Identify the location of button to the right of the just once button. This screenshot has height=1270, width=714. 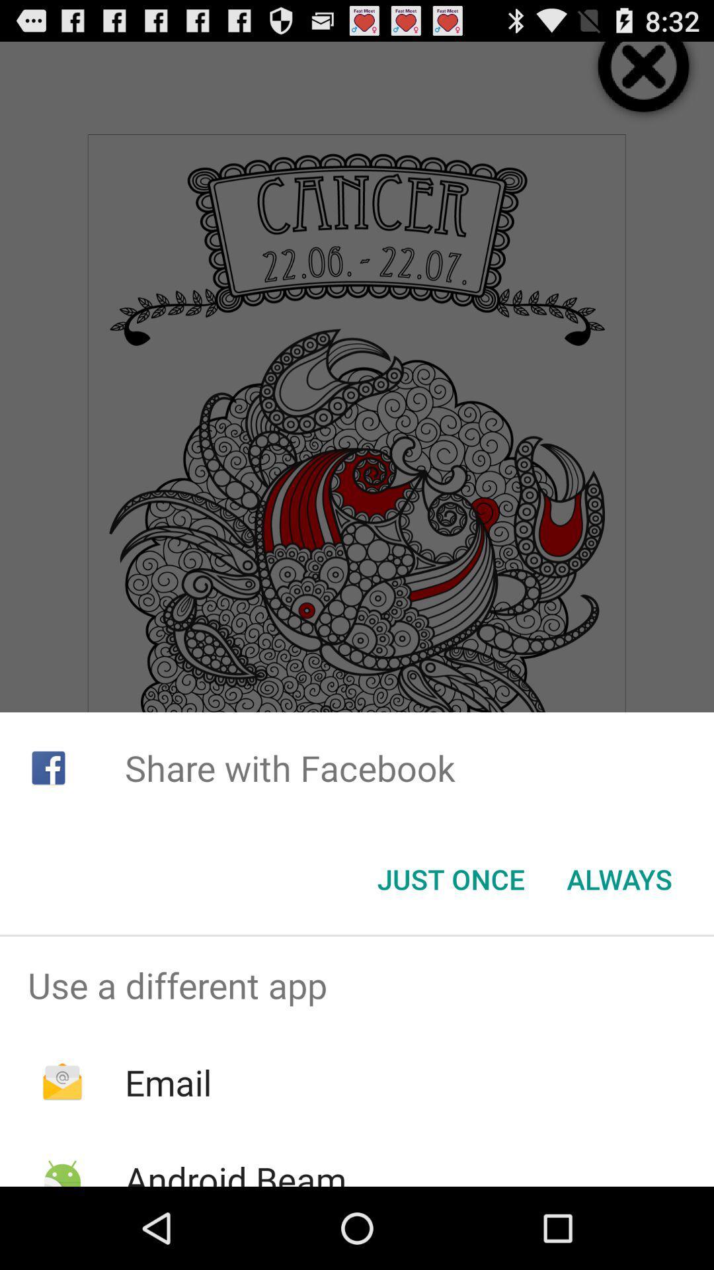
(619, 879).